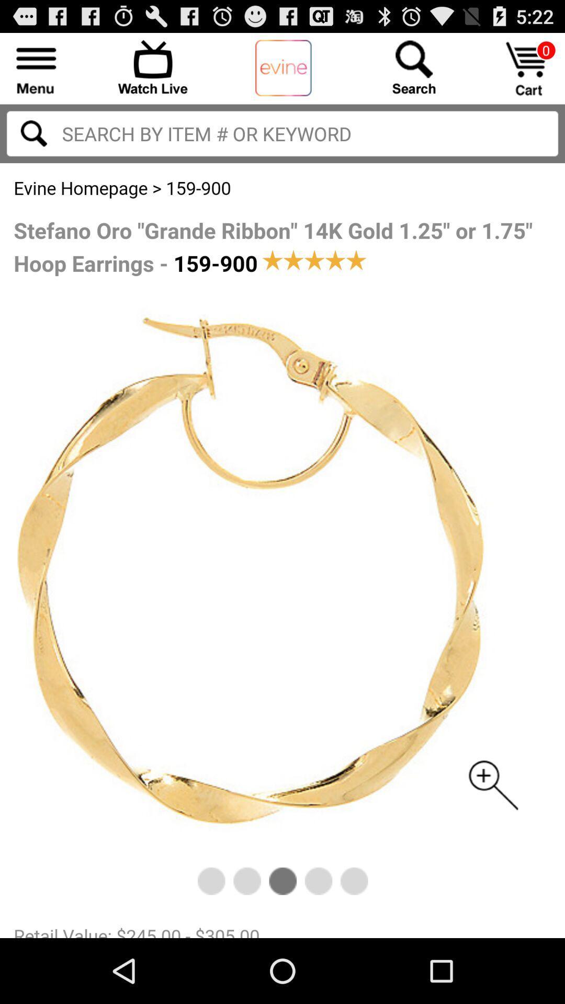 The height and width of the screenshot is (1004, 565). What do you see at coordinates (33, 133) in the screenshot?
I see `input search terms` at bounding box center [33, 133].